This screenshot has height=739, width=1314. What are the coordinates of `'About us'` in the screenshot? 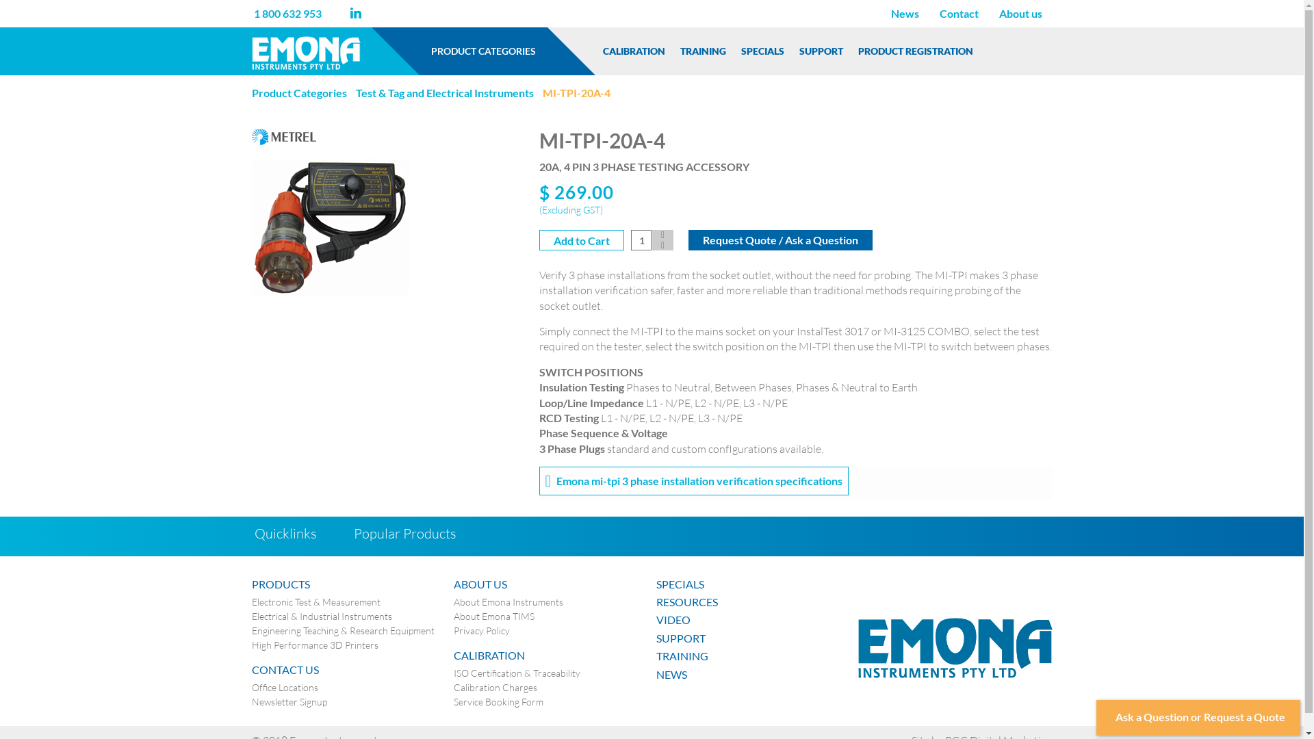 It's located at (1020, 13).